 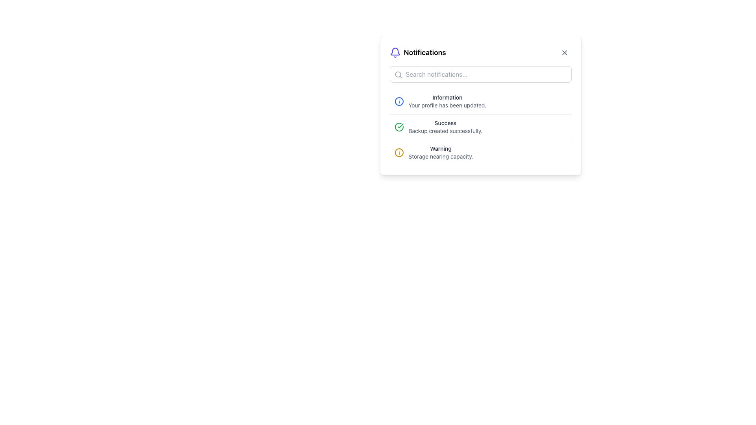 What do you see at coordinates (445, 127) in the screenshot?
I see `the 'Success' notification message which indicates a successful backup creation` at bounding box center [445, 127].